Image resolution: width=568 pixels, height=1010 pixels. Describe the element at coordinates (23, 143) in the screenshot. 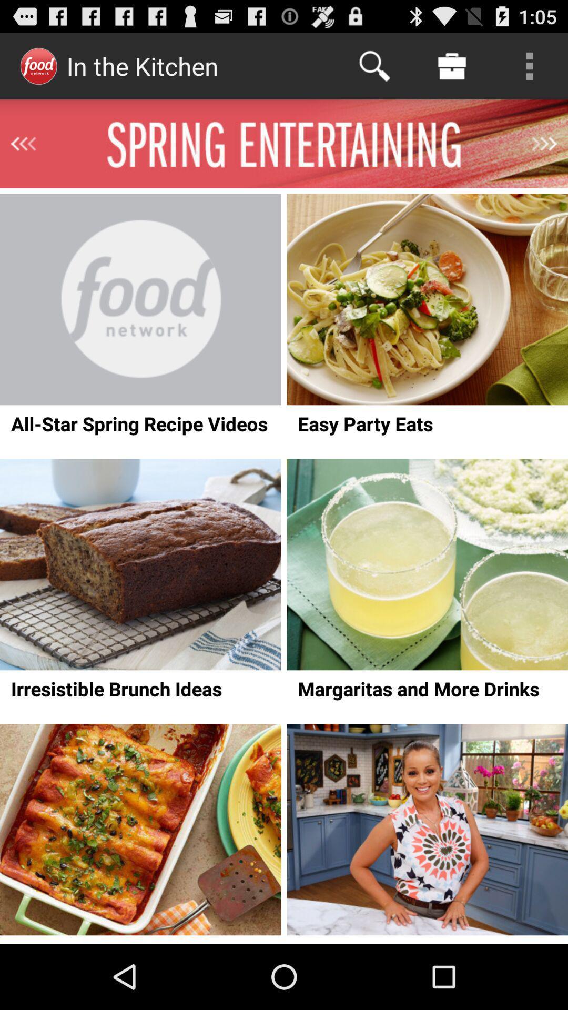

I see `go back` at that location.